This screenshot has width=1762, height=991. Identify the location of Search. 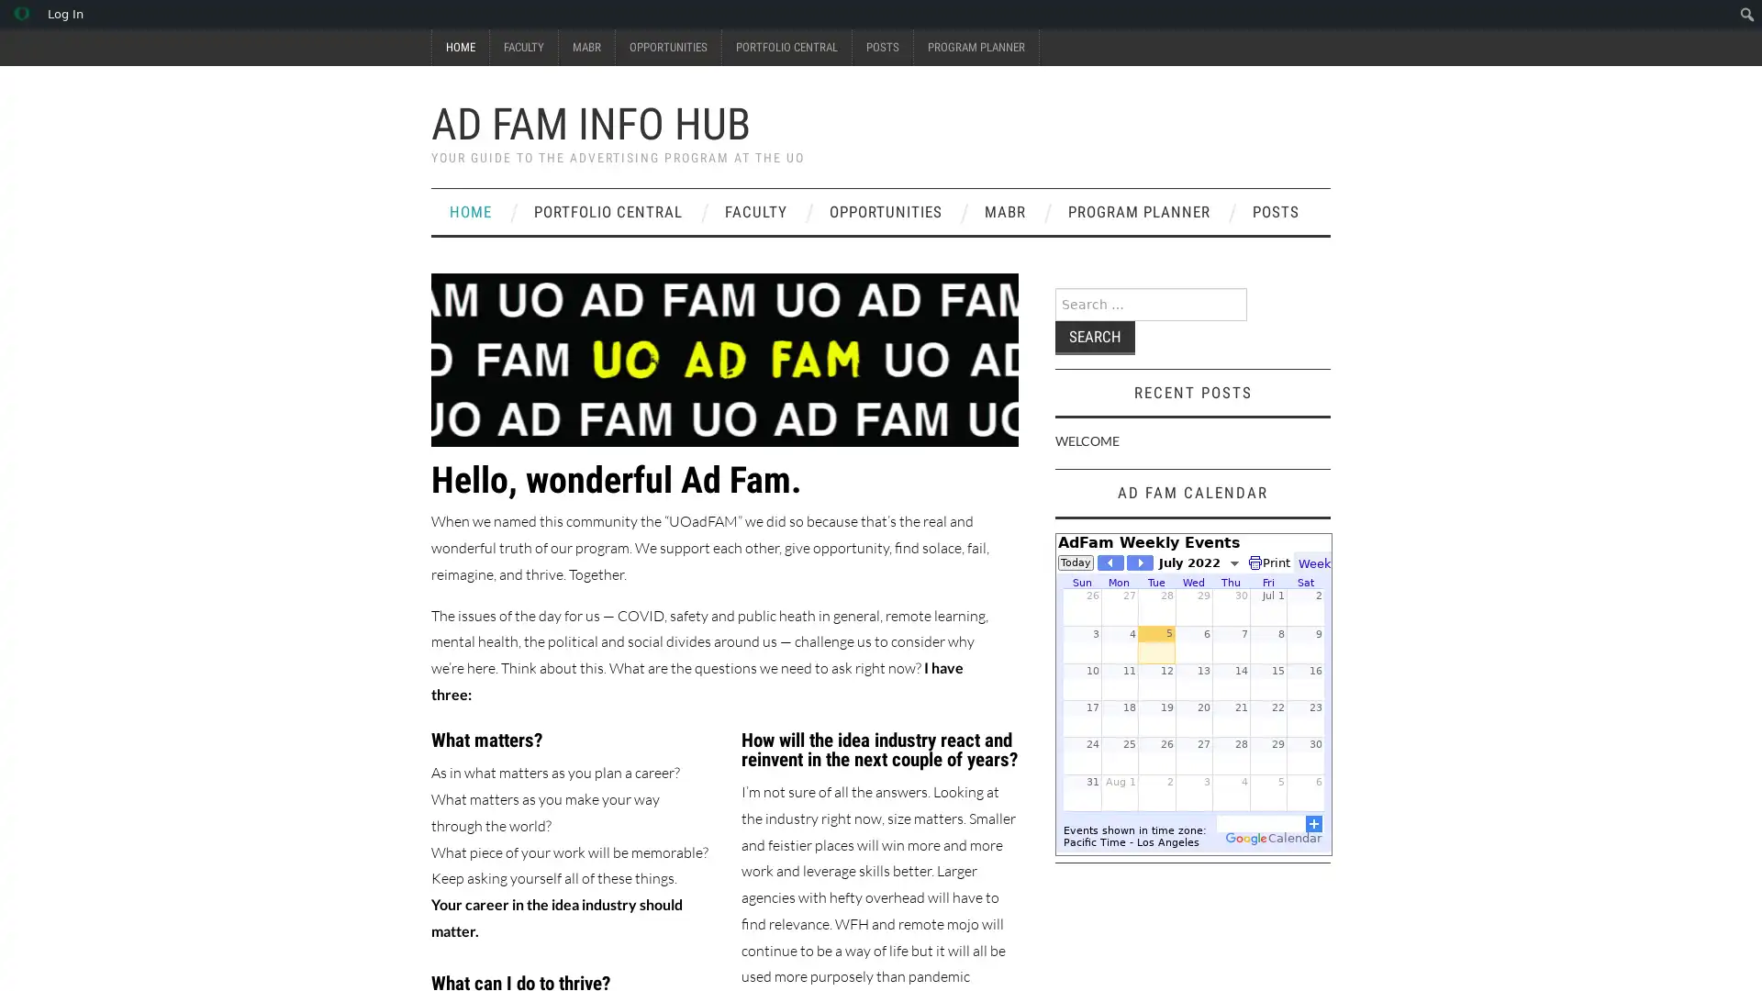
(1095, 338).